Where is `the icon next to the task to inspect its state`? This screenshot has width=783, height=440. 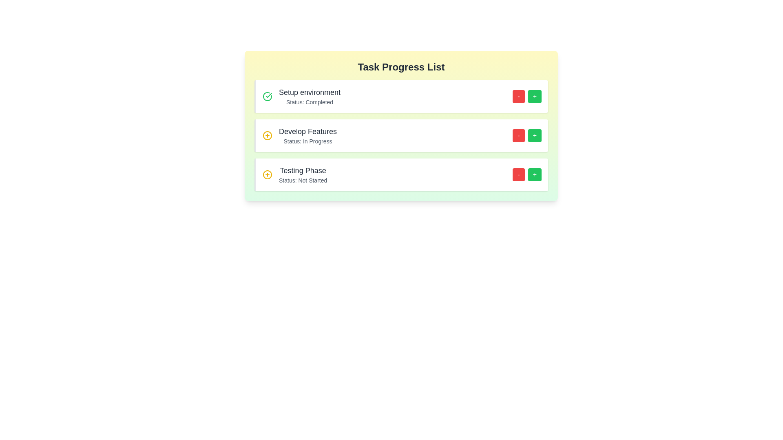 the icon next to the task to inspect its state is located at coordinates (268, 96).